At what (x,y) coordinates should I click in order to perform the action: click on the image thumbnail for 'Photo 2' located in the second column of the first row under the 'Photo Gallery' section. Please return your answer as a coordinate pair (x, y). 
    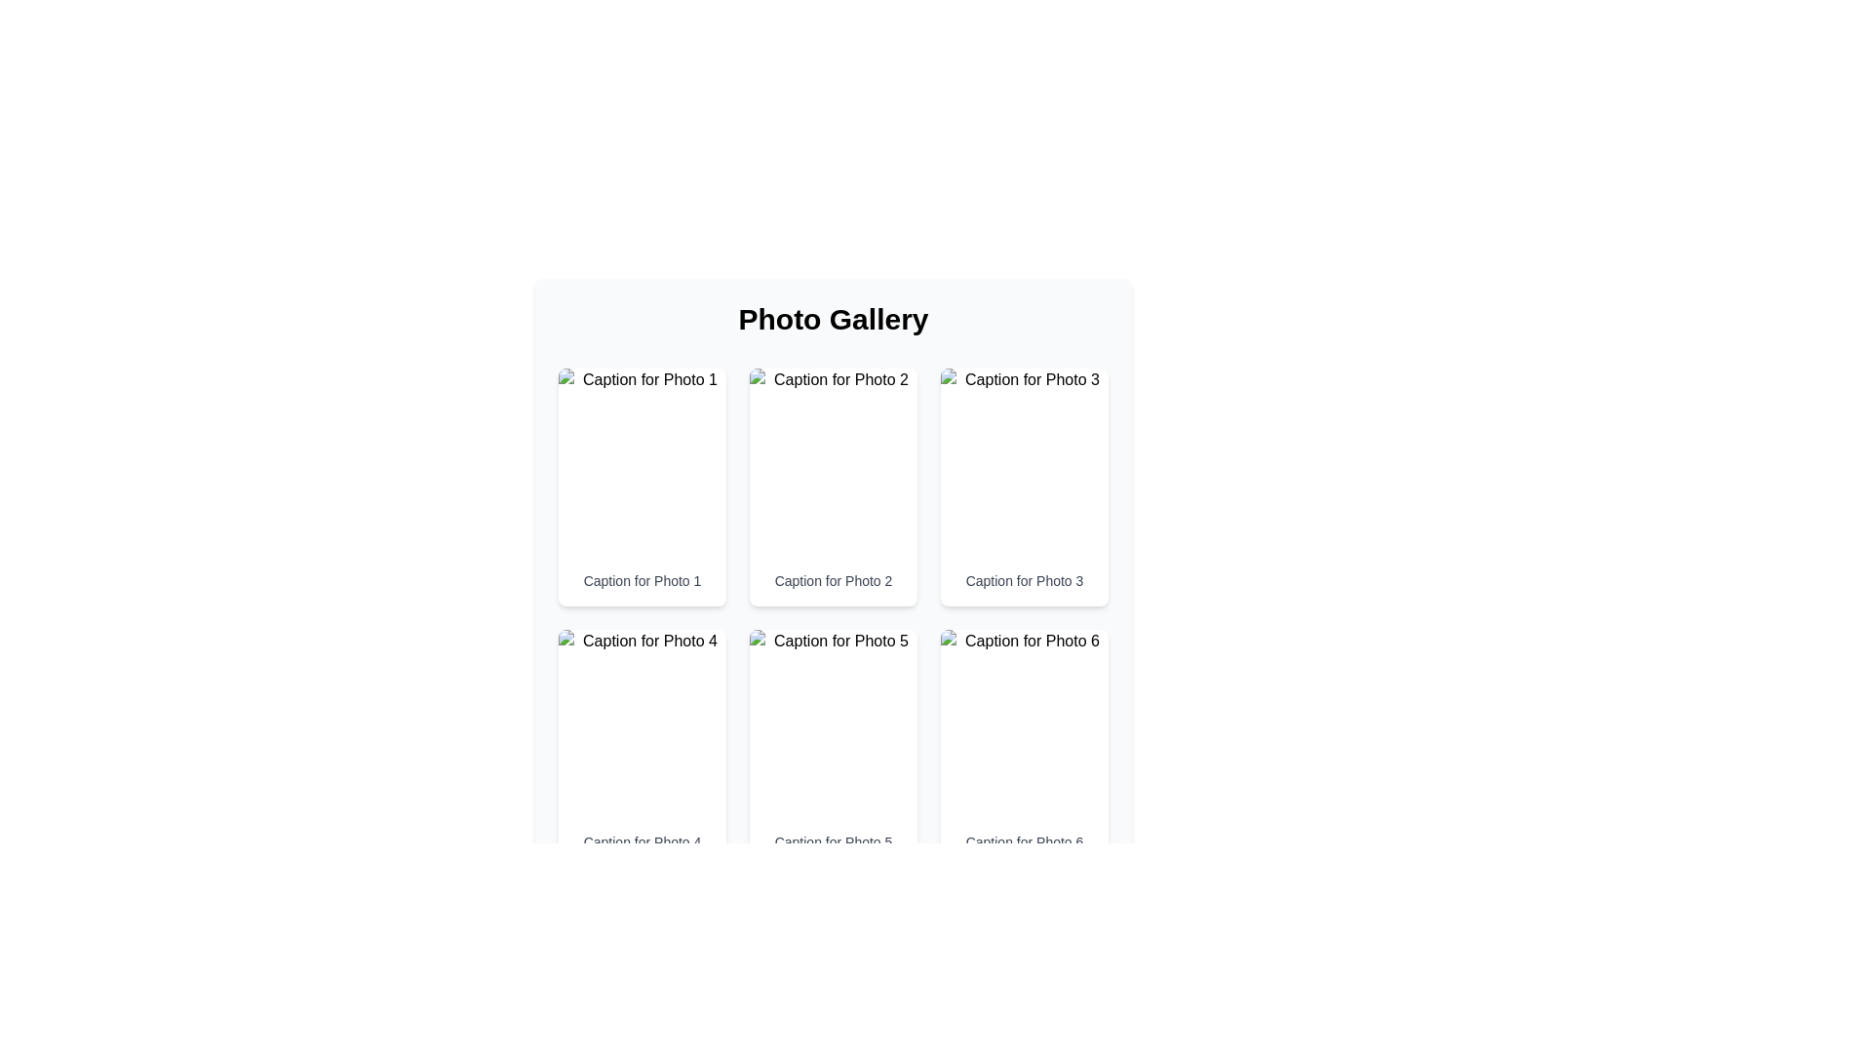
    Looking at the image, I should click on (833, 462).